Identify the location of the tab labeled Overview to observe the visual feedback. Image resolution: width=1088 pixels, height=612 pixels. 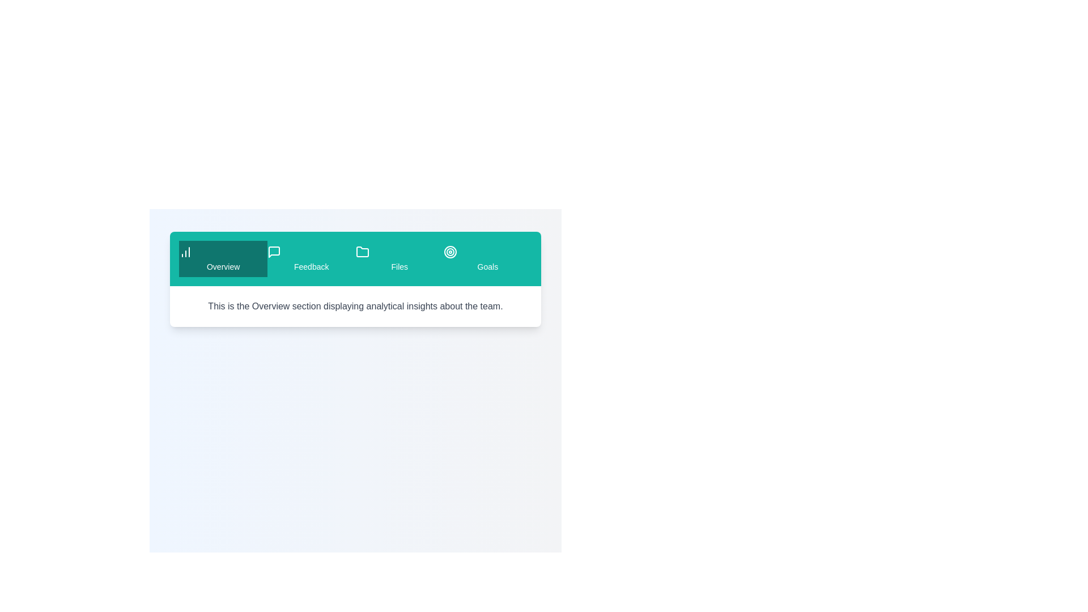
(223, 258).